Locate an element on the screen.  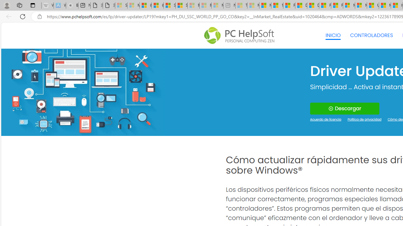
'INICIO' is located at coordinates (332, 35).